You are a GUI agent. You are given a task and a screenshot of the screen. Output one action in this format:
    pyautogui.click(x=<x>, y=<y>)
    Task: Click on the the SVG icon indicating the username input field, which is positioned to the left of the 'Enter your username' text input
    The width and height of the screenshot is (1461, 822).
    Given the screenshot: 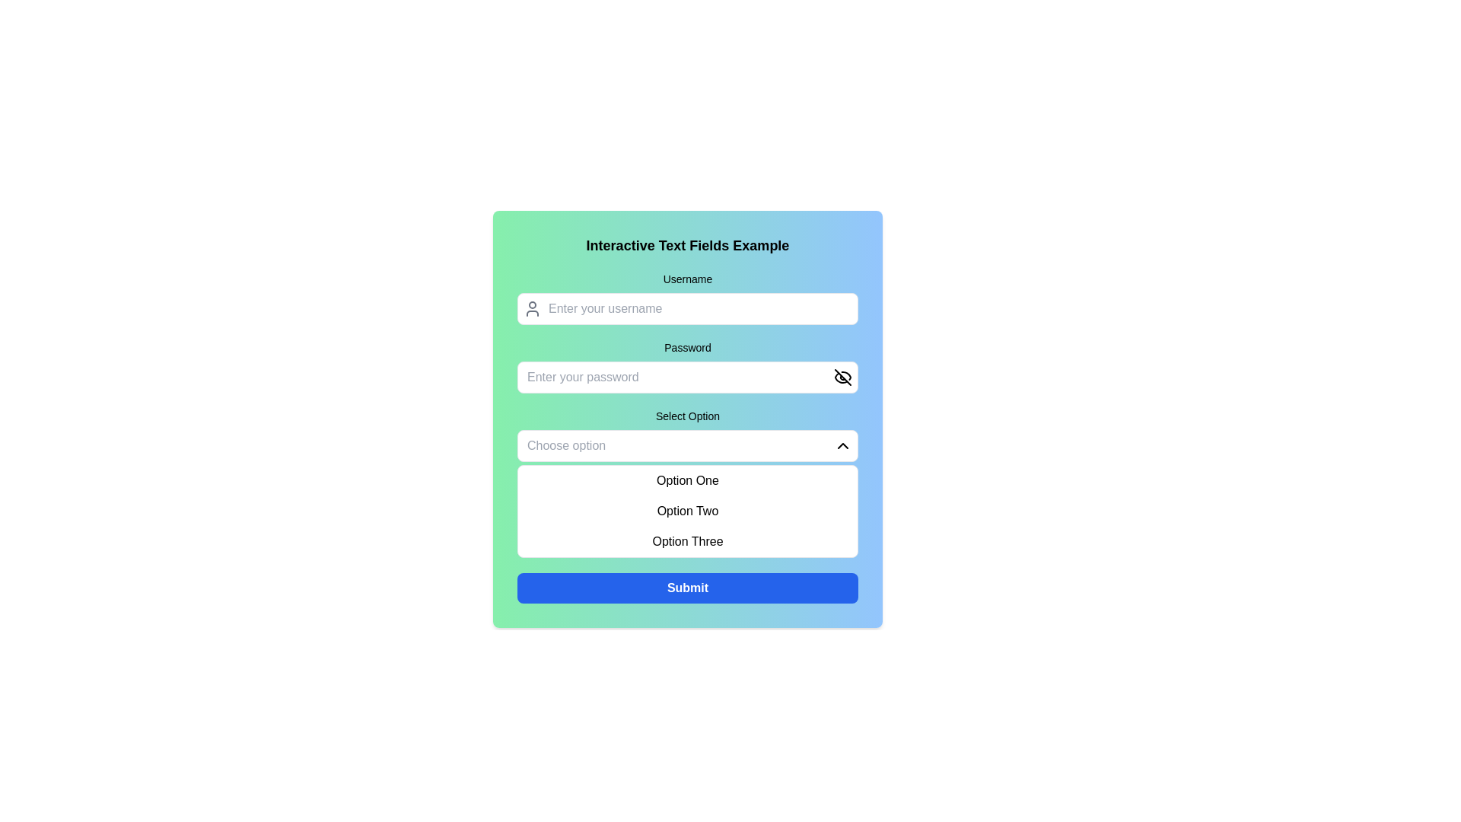 What is the action you would take?
    pyautogui.click(x=533, y=308)
    